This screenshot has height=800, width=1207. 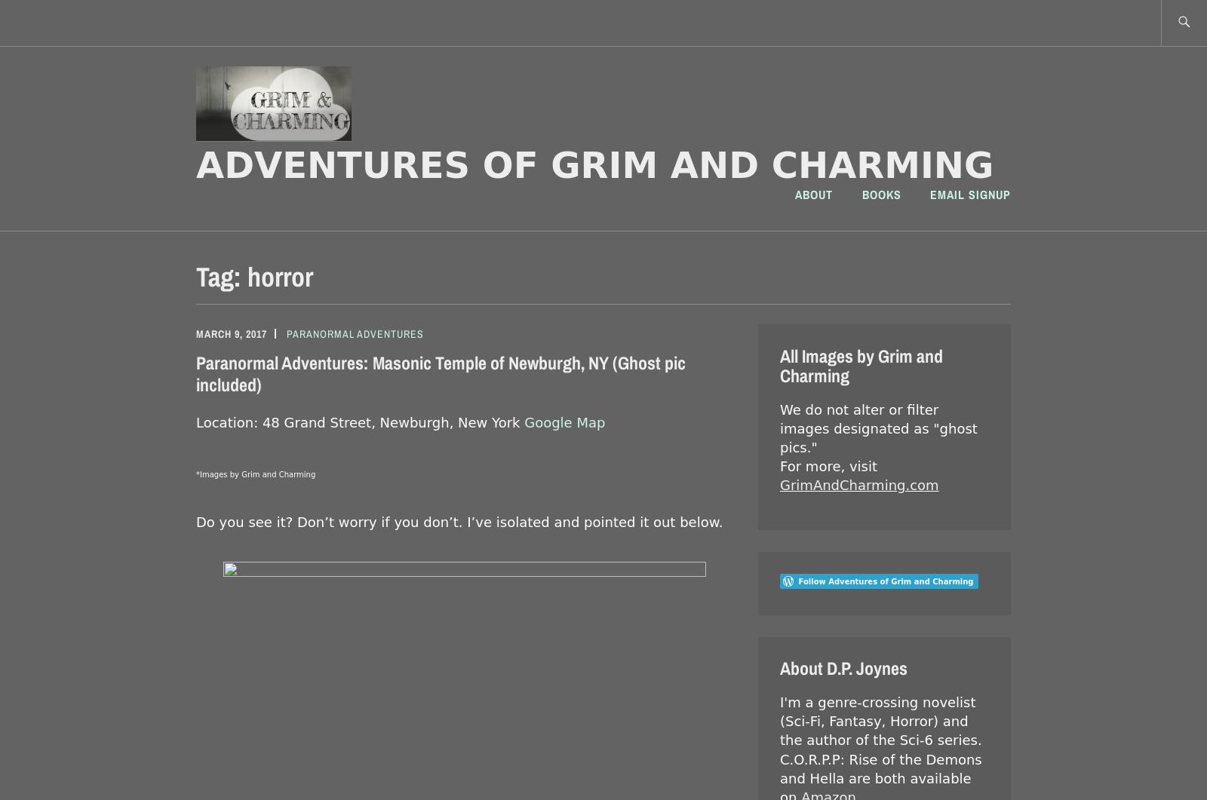 What do you see at coordinates (459, 521) in the screenshot?
I see `'Do you see it? Don’t worry if you don’t. I’ve isolated and pointed it out below.'` at bounding box center [459, 521].